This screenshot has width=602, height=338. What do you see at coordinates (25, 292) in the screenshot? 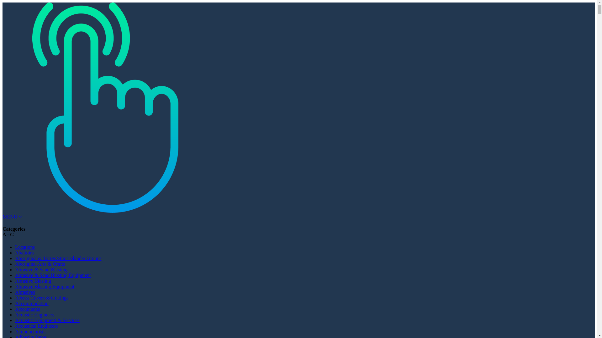
I see `'Abrasives'` at bounding box center [25, 292].